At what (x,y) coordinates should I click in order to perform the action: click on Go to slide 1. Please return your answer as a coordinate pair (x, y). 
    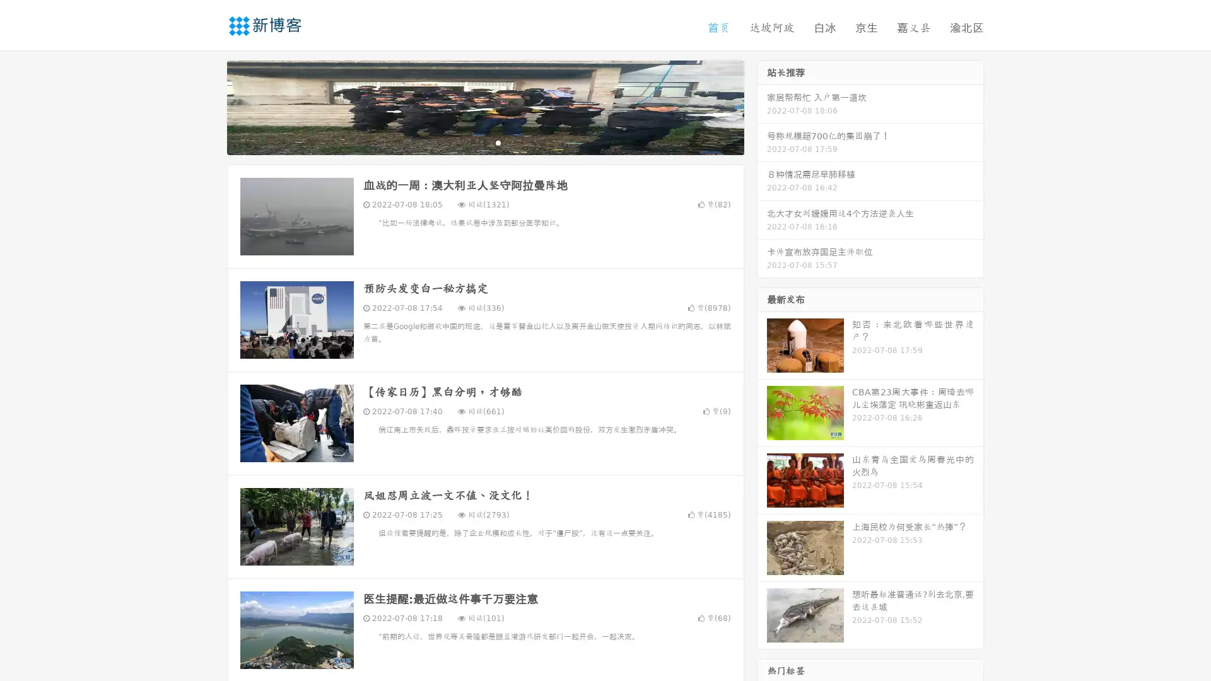
    Looking at the image, I should click on (472, 142).